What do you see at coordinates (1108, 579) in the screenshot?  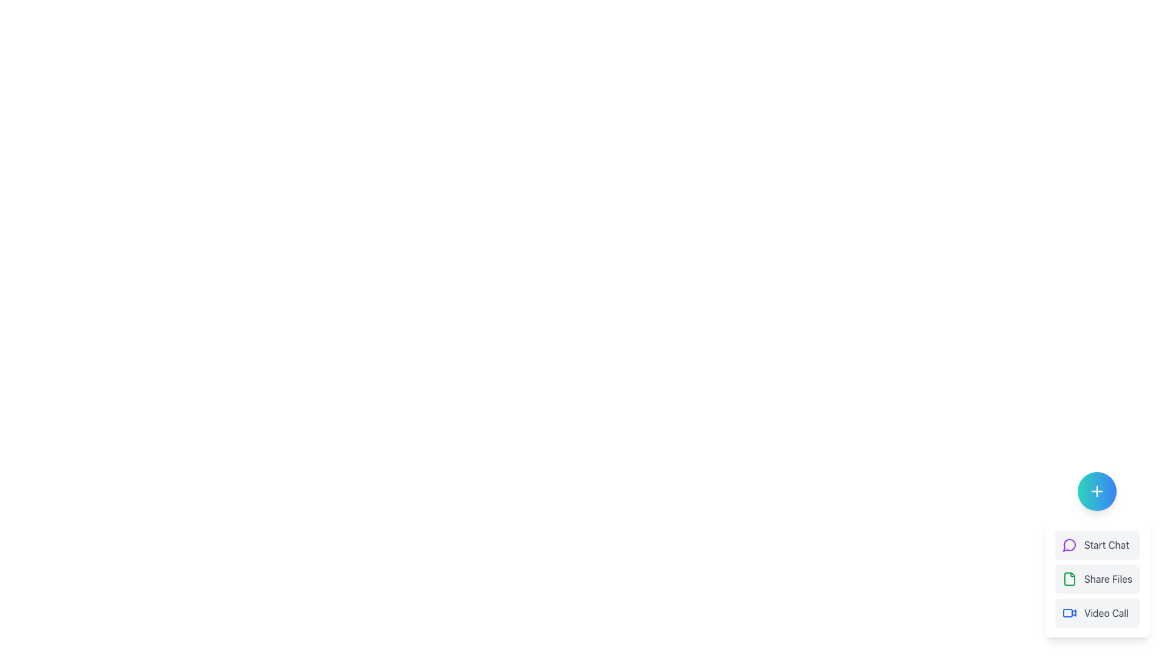 I see `the 'Share Files' text label, which is styled in gray and is the second option in the menu beneath 'Start Chat'` at bounding box center [1108, 579].